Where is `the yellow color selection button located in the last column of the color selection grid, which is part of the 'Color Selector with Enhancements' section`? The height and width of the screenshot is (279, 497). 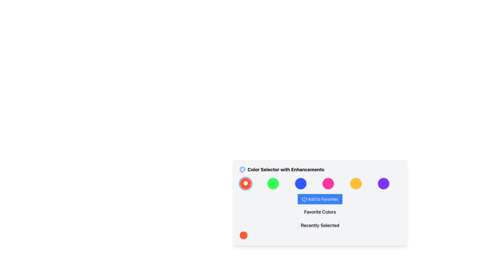 the yellow color selection button located in the last column of the color selection grid, which is part of the 'Color Selector with Enhancements' section is located at coordinates (356, 183).